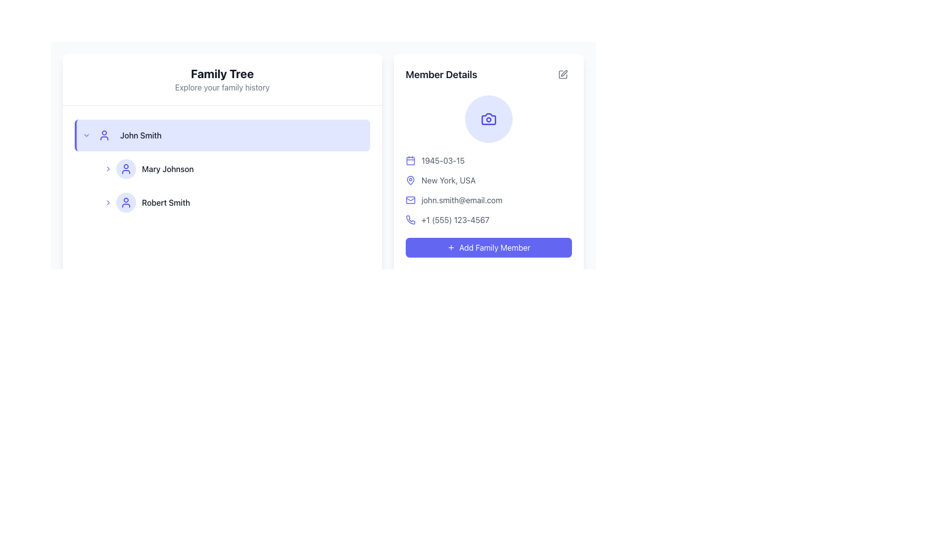  I want to click on the edit button icon located in the top-right corner of the 'Member Details' section, which is a pen icon among its siblings, so click(564, 73).